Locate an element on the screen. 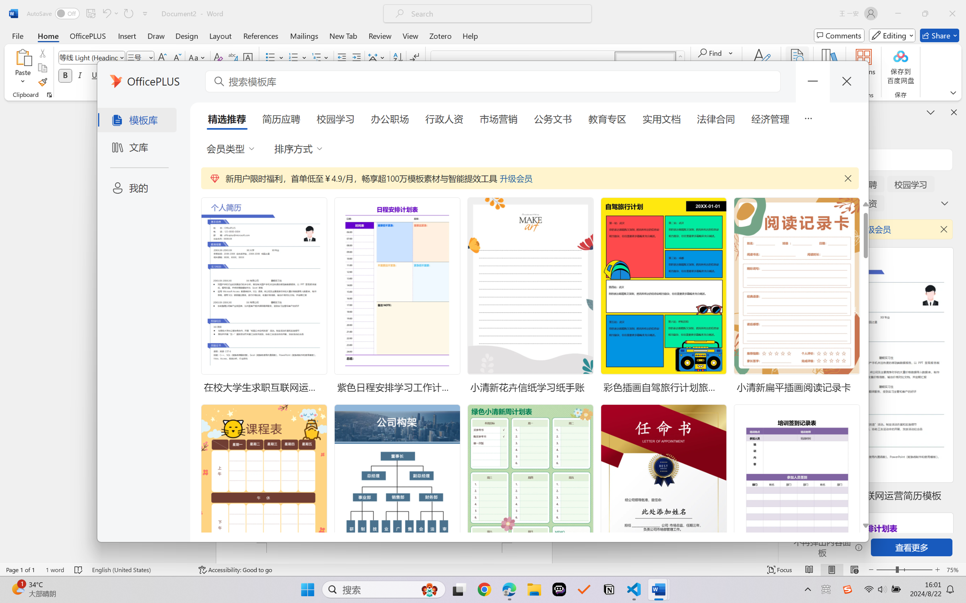 Image resolution: width=966 pixels, height=603 pixels. 'Undo Typing' is located at coordinates (106, 13).